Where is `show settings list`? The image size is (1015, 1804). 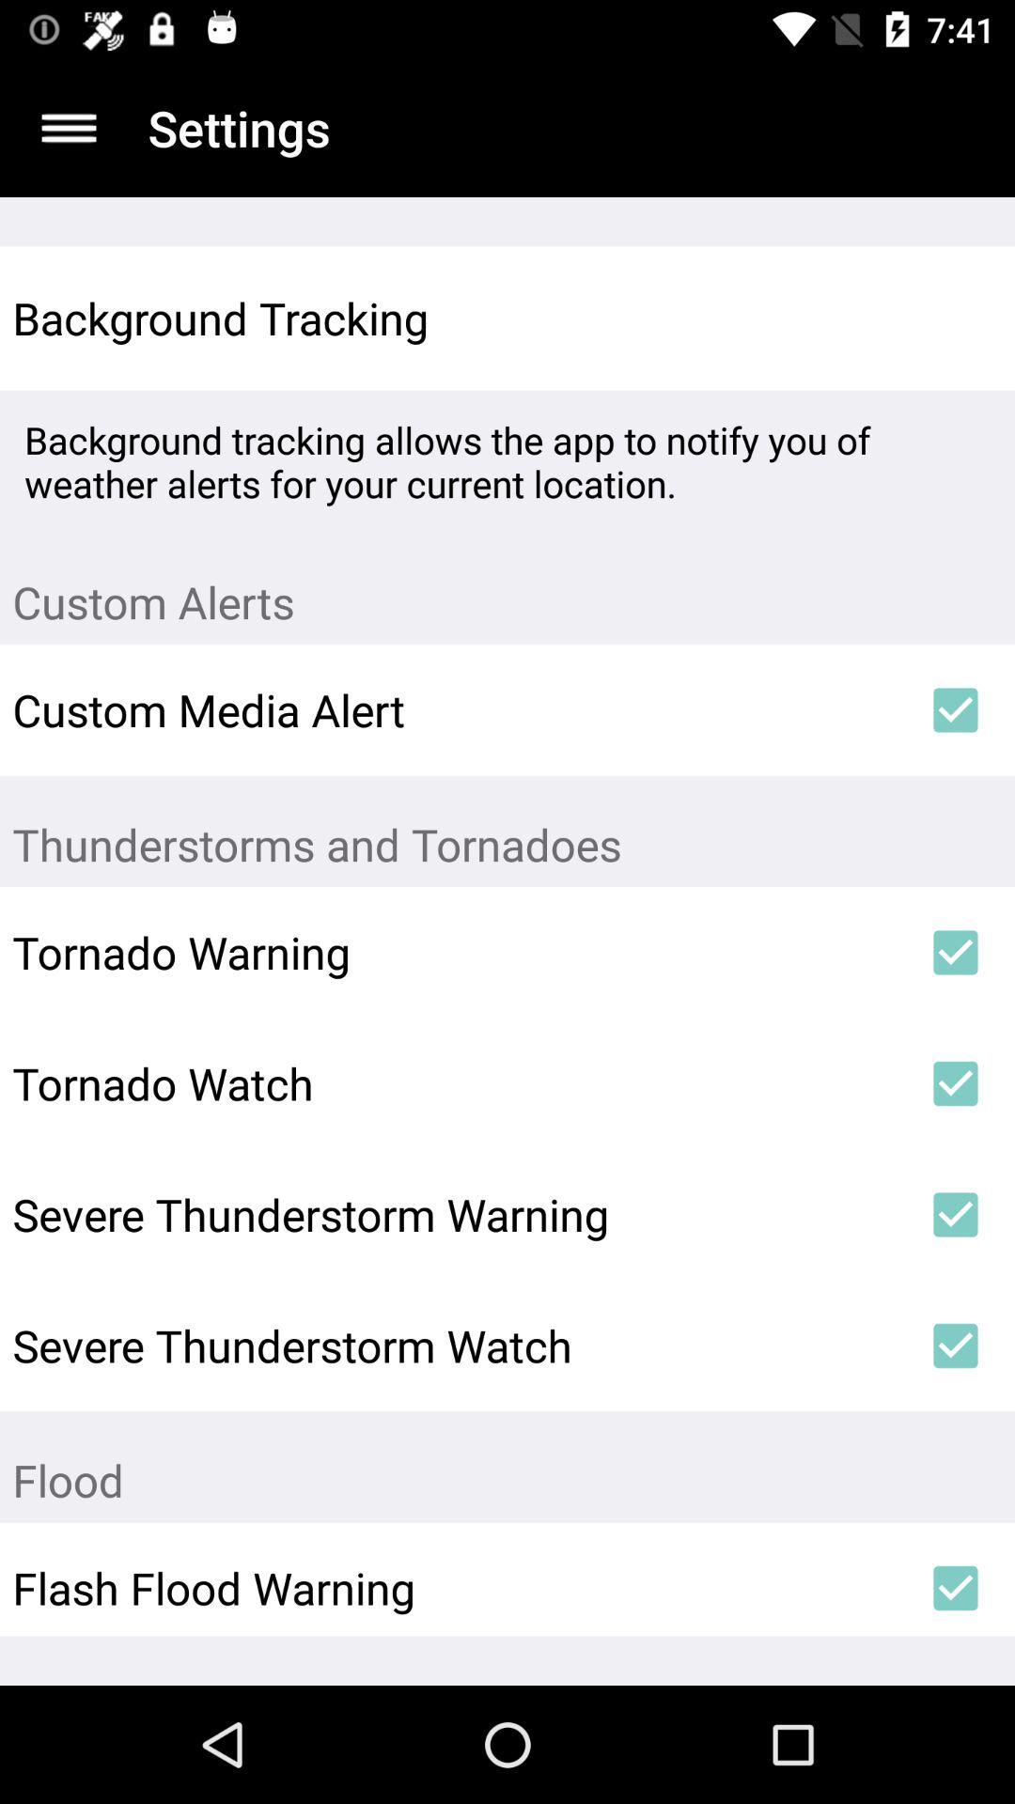
show settings list is located at coordinates (68, 127).